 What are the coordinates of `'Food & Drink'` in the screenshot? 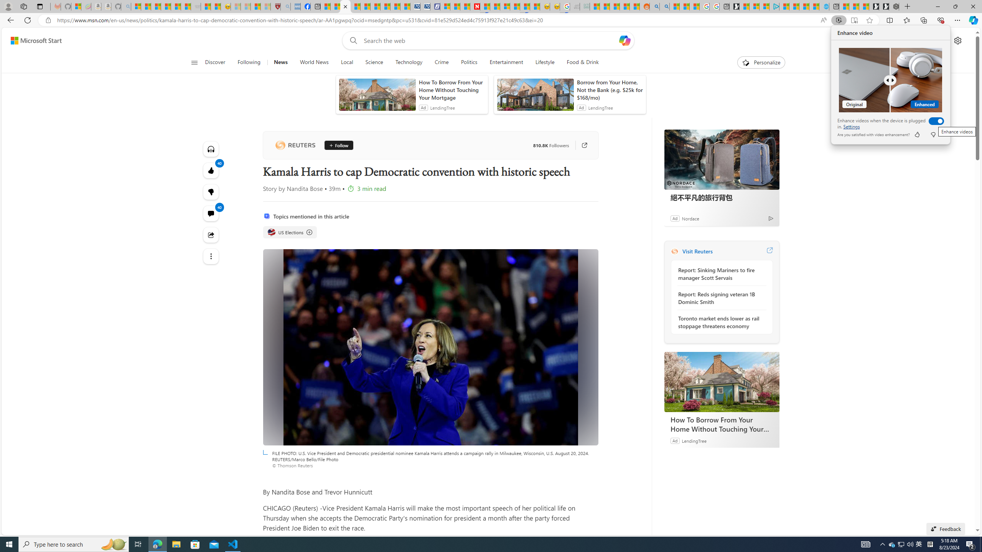 It's located at (583, 62).